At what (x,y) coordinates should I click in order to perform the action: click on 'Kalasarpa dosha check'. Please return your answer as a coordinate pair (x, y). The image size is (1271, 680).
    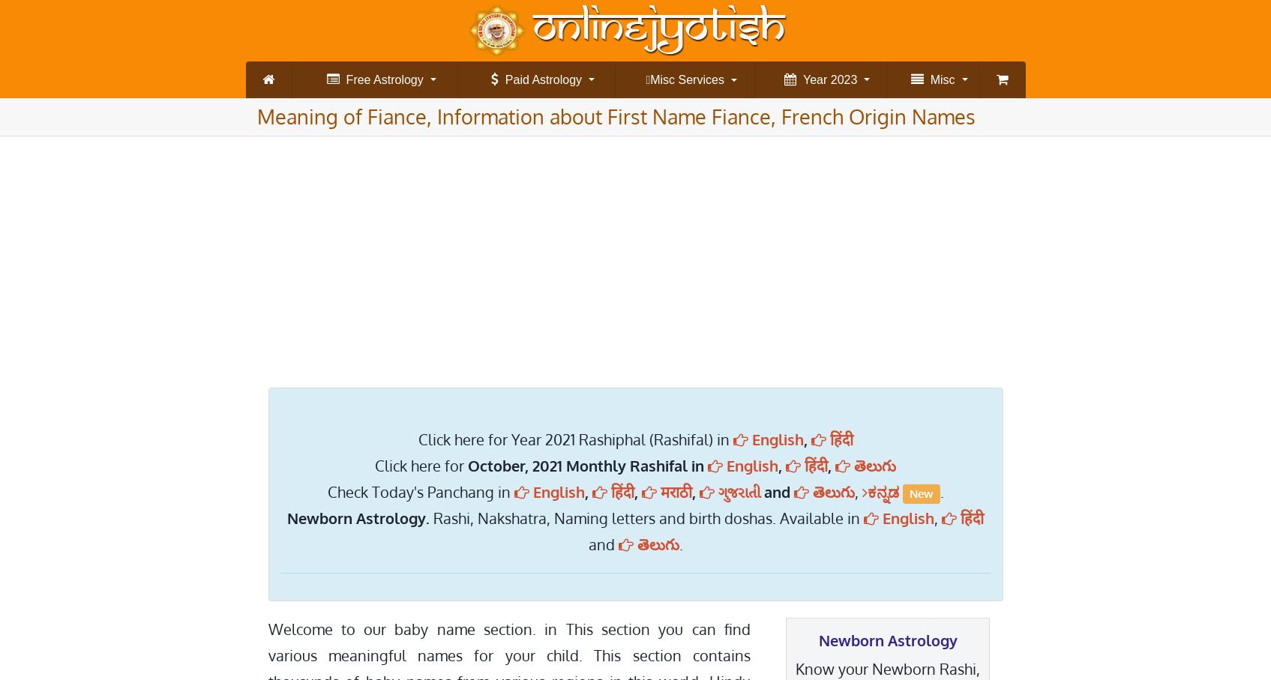
    Looking at the image, I should click on (350, 146).